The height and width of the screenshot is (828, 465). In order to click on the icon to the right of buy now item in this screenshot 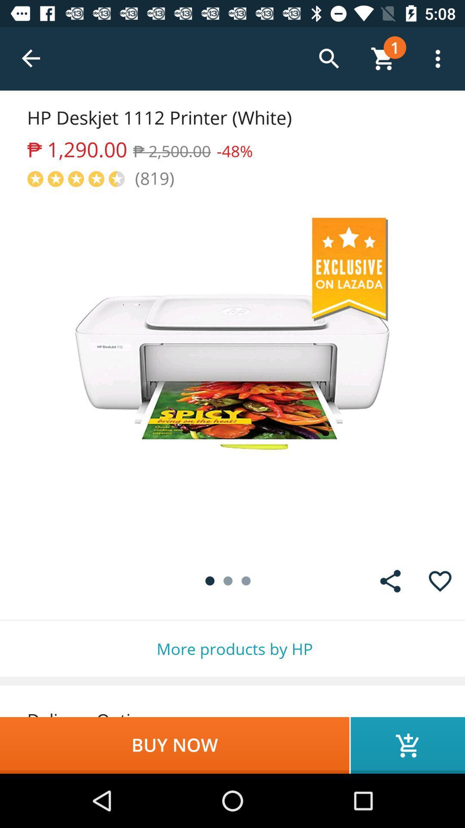, I will do `click(407, 745)`.